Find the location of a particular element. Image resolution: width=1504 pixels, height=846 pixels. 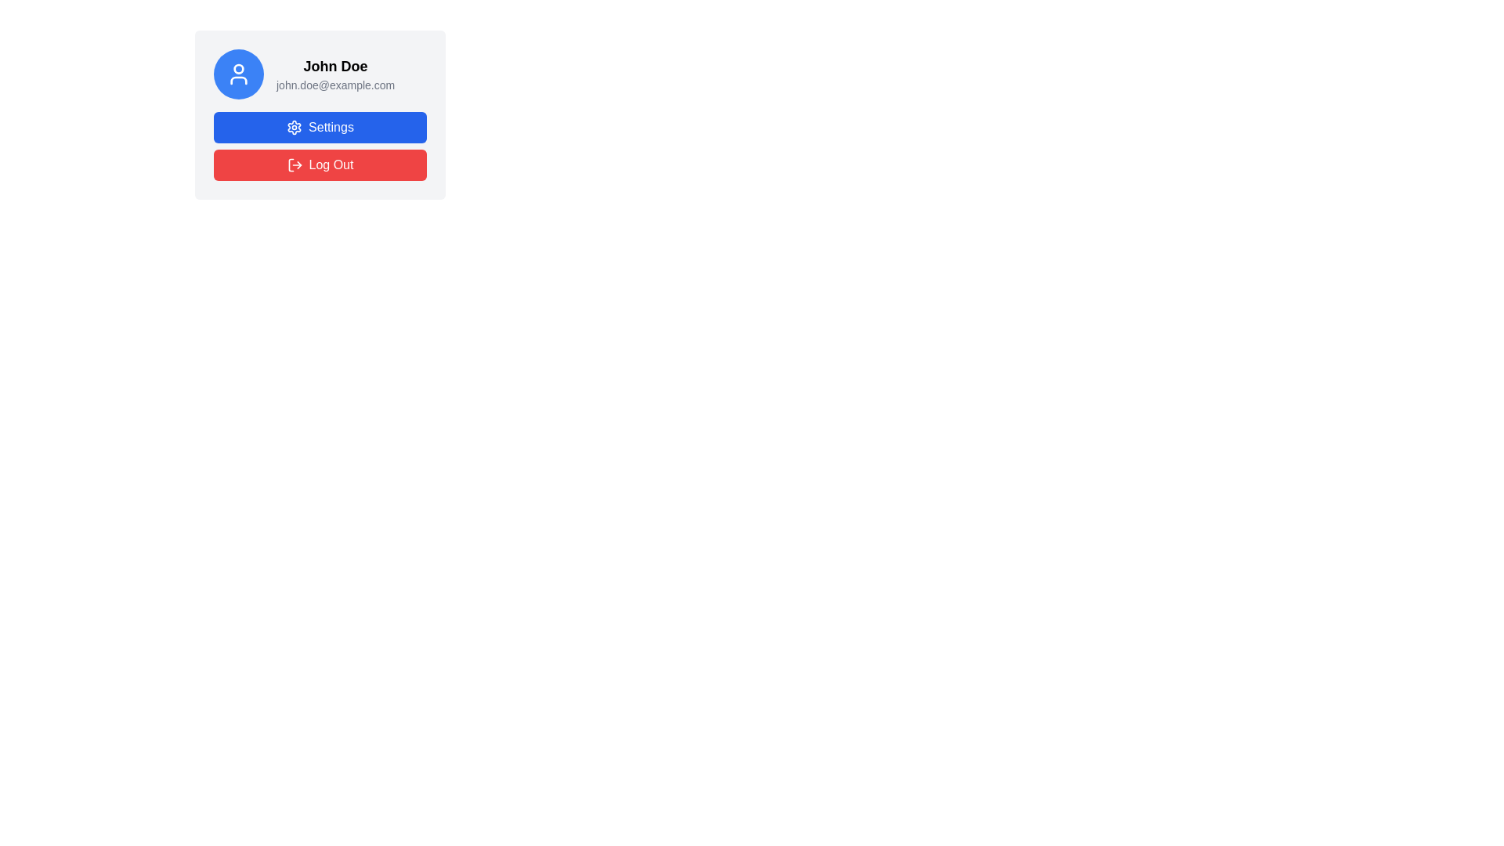

the Text label displaying the user's email address, located below the name 'John Doe' in the profile card is located at coordinates (334, 85).